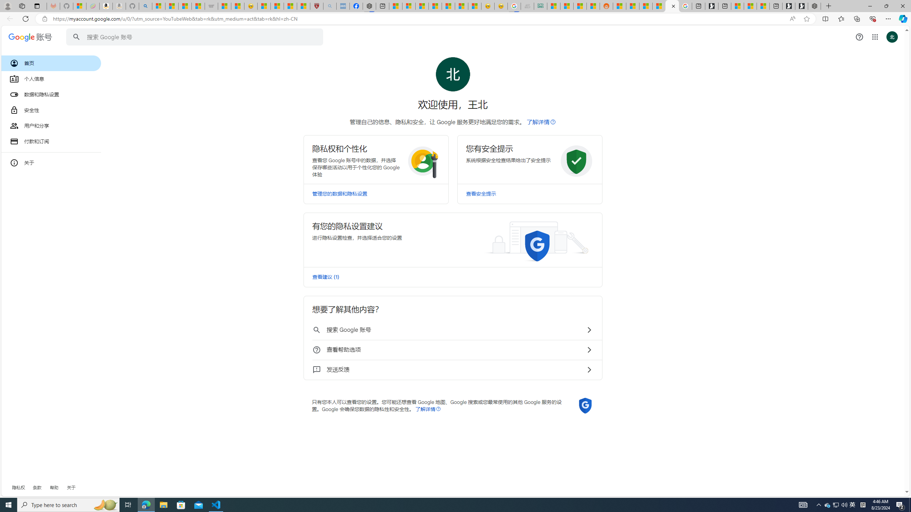 The height and width of the screenshot is (512, 911). I want to click on 'Recipes - MSN', so click(264, 6).